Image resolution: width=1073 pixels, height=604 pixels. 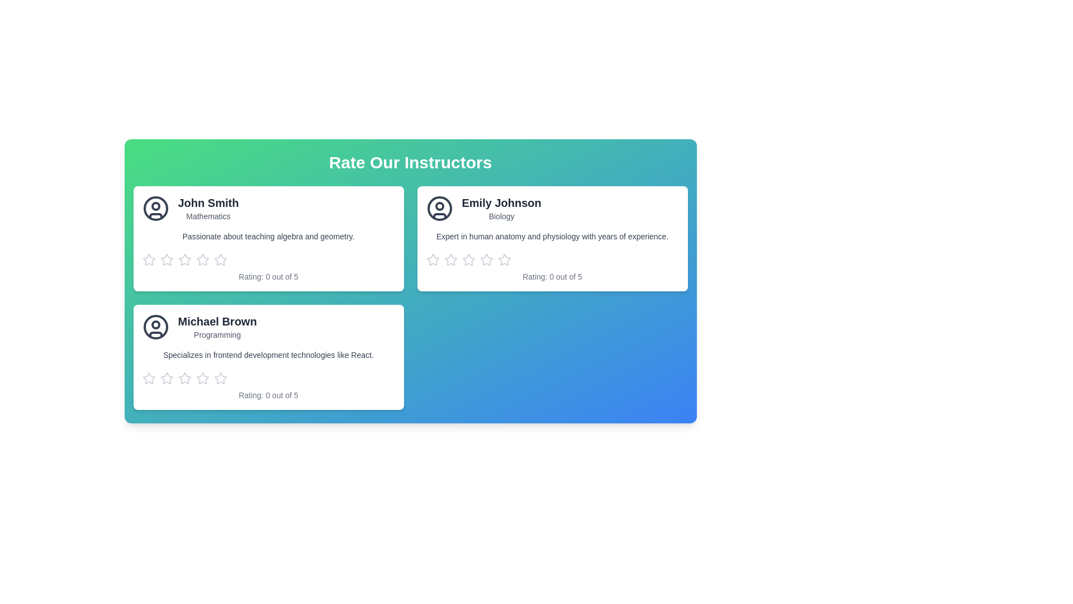 I want to click on the second star icon from the left in the rating section of Emily Johnson's profile card, so click(x=486, y=259).